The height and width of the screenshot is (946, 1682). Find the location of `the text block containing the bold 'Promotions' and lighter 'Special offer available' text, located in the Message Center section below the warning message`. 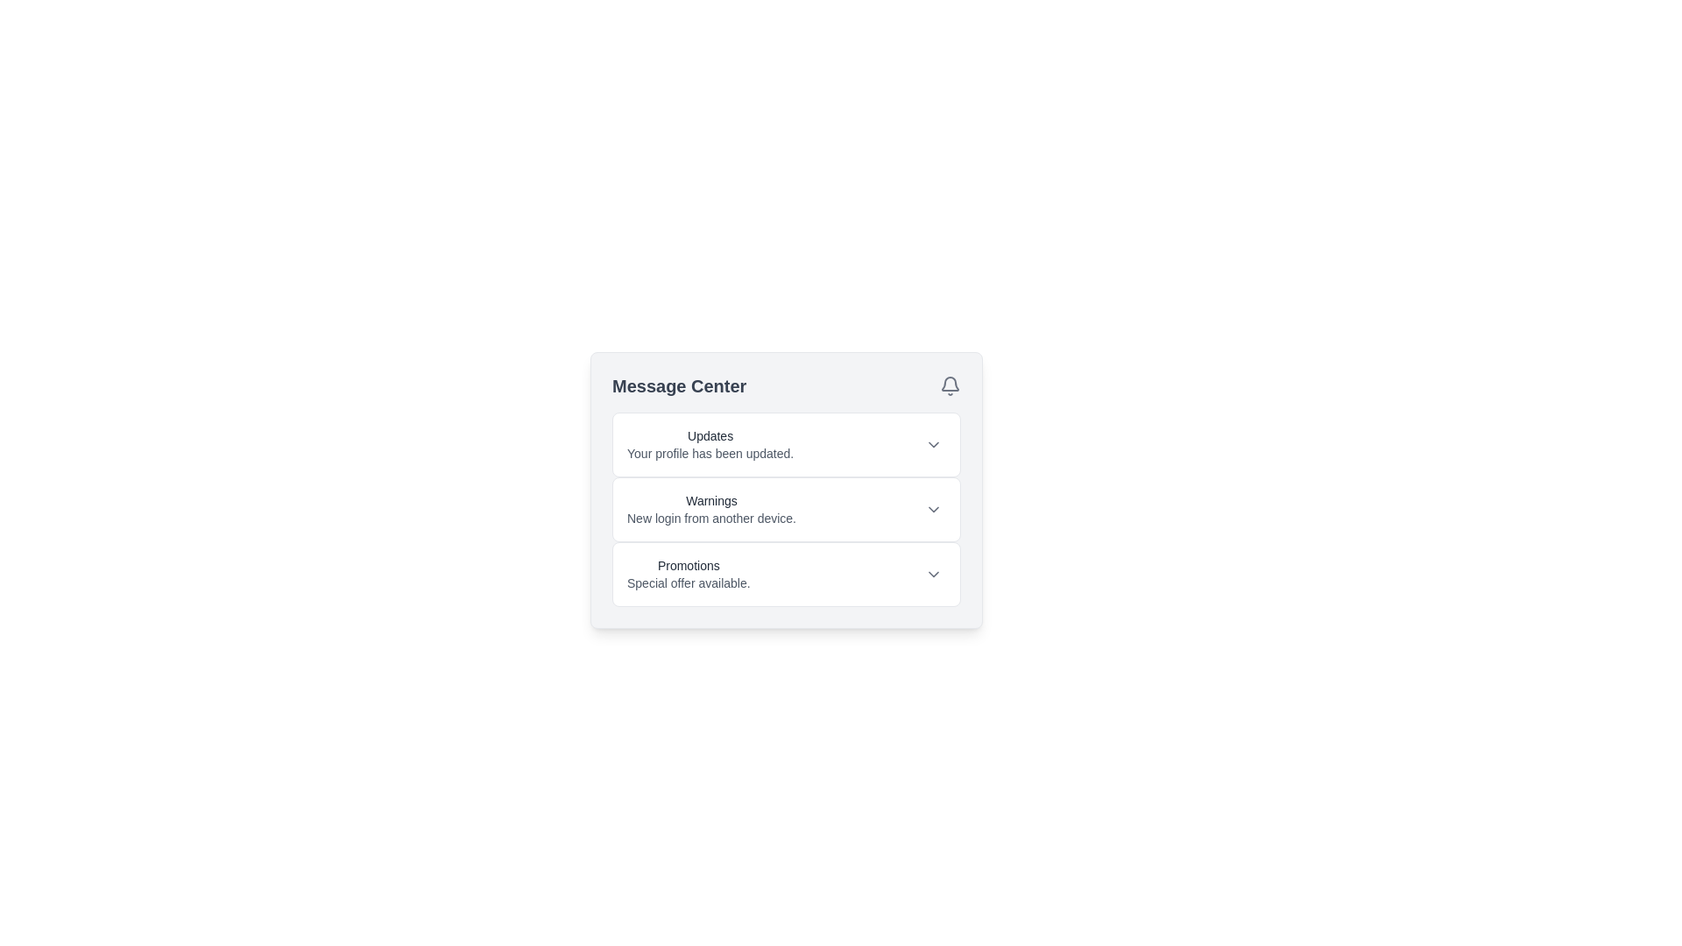

the text block containing the bold 'Promotions' and lighter 'Special offer available' text, located in the Message Center section below the warning message is located at coordinates (688, 574).